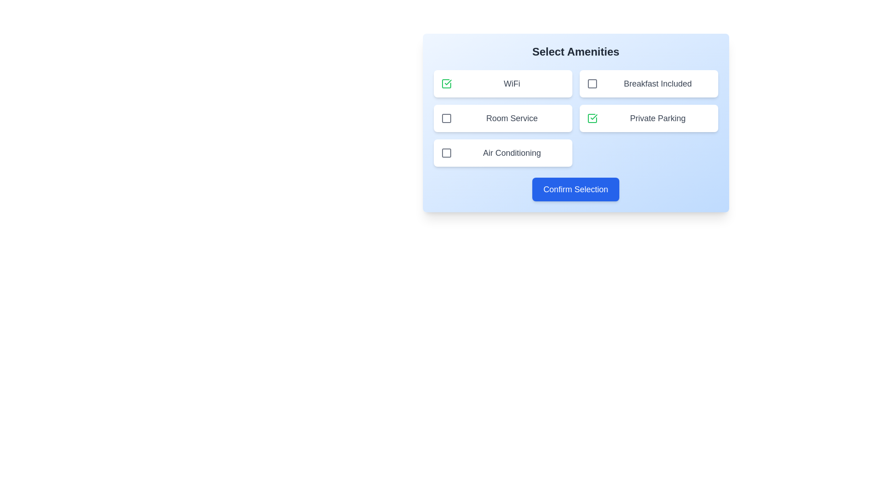 This screenshot has height=492, width=875. What do you see at coordinates (648, 118) in the screenshot?
I see `the 'Private Parking' selectable option card in the second row and second column of the 'Select Amenities' grid` at bounding box center [648, 118].